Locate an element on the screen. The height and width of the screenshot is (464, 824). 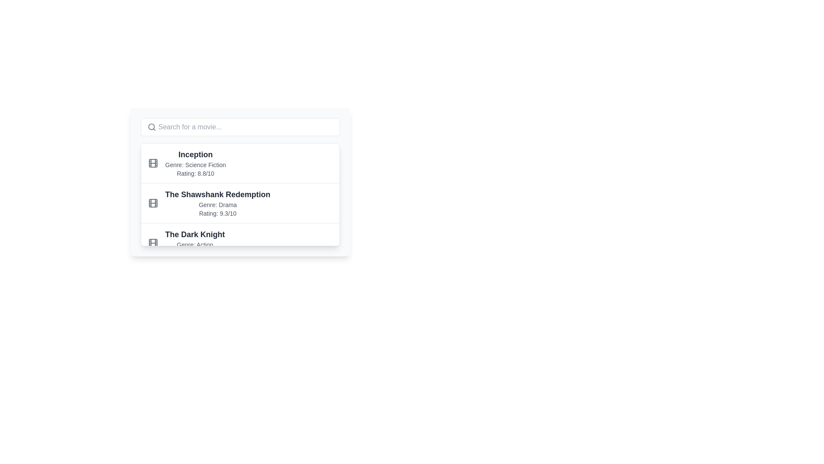
the movie card for 'The Dark Knight', which is the third item in the vertical list of movies, featuring a film strip icon, bold title, and metadata about genre and rating is located at coordinates (240, 243).